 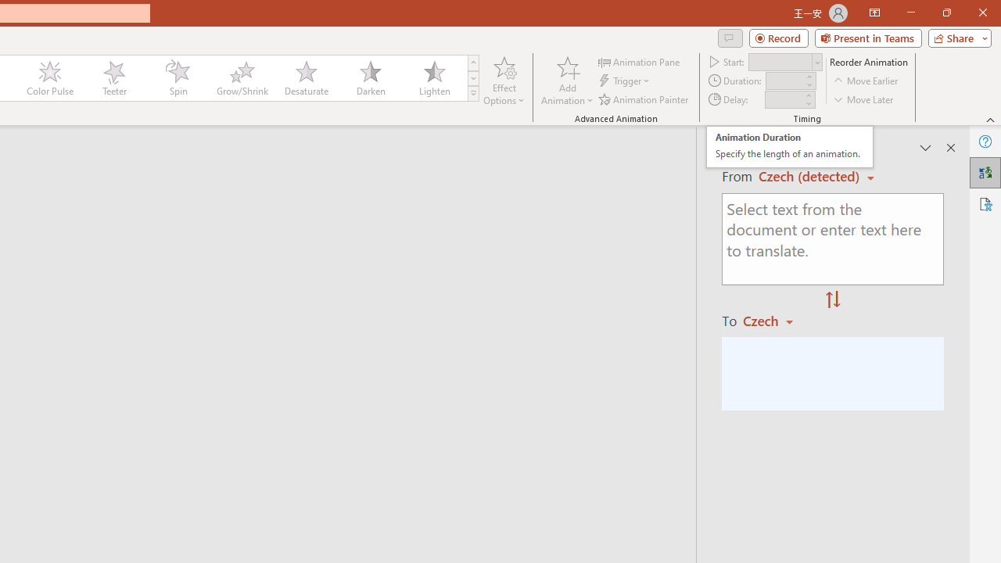 What do you see at coordinates (113, 78) in the screenshot?
I see `'Teeter'` at bounding box center [113, 78].